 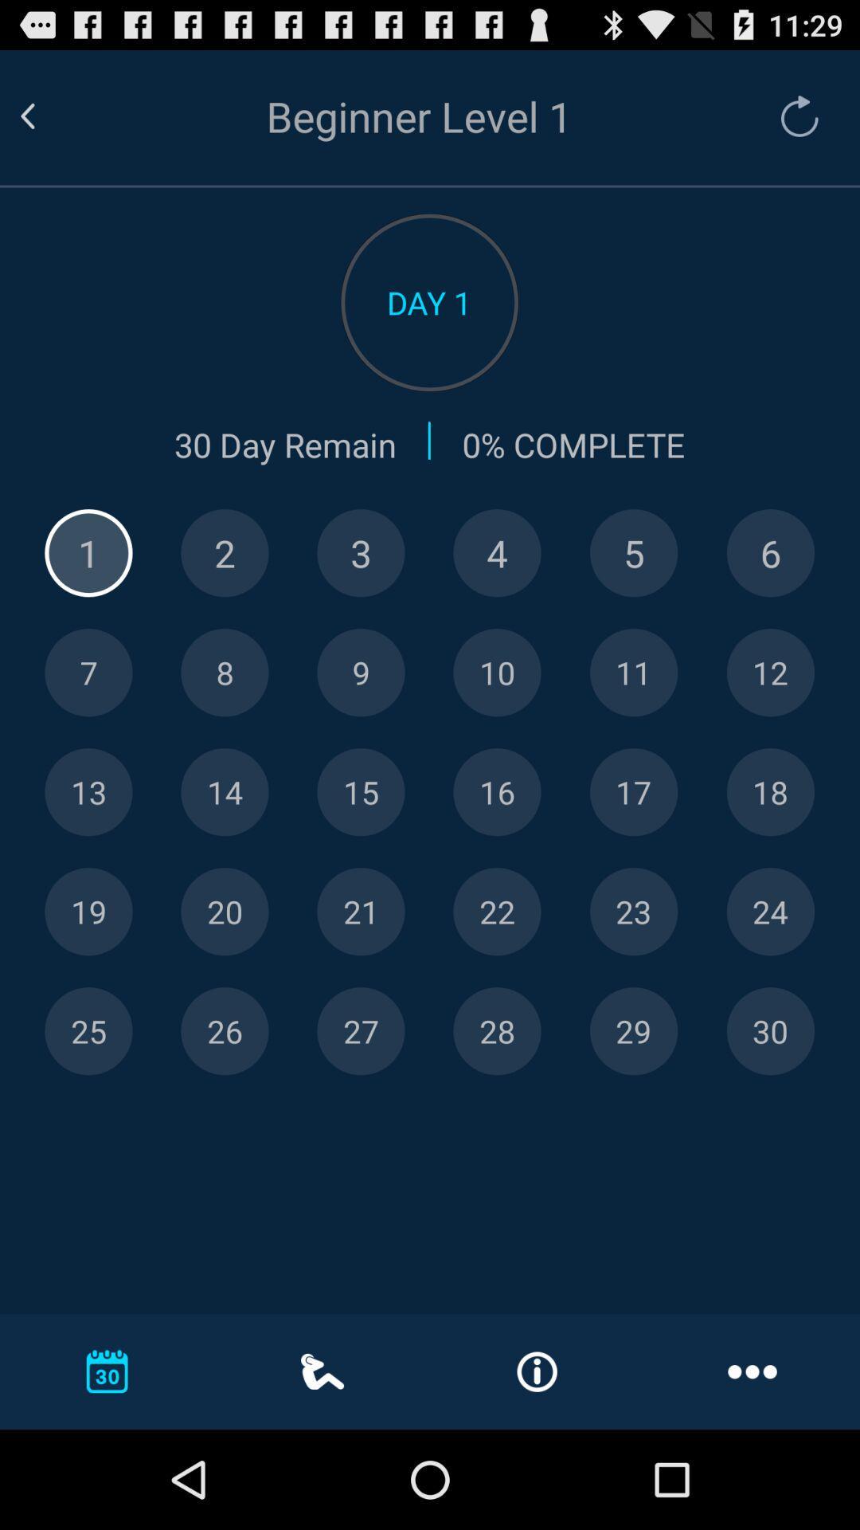 What do you see at coordinates (792, 116) in the screenshot?
I see `refresh` at bounding box center [792, 116].